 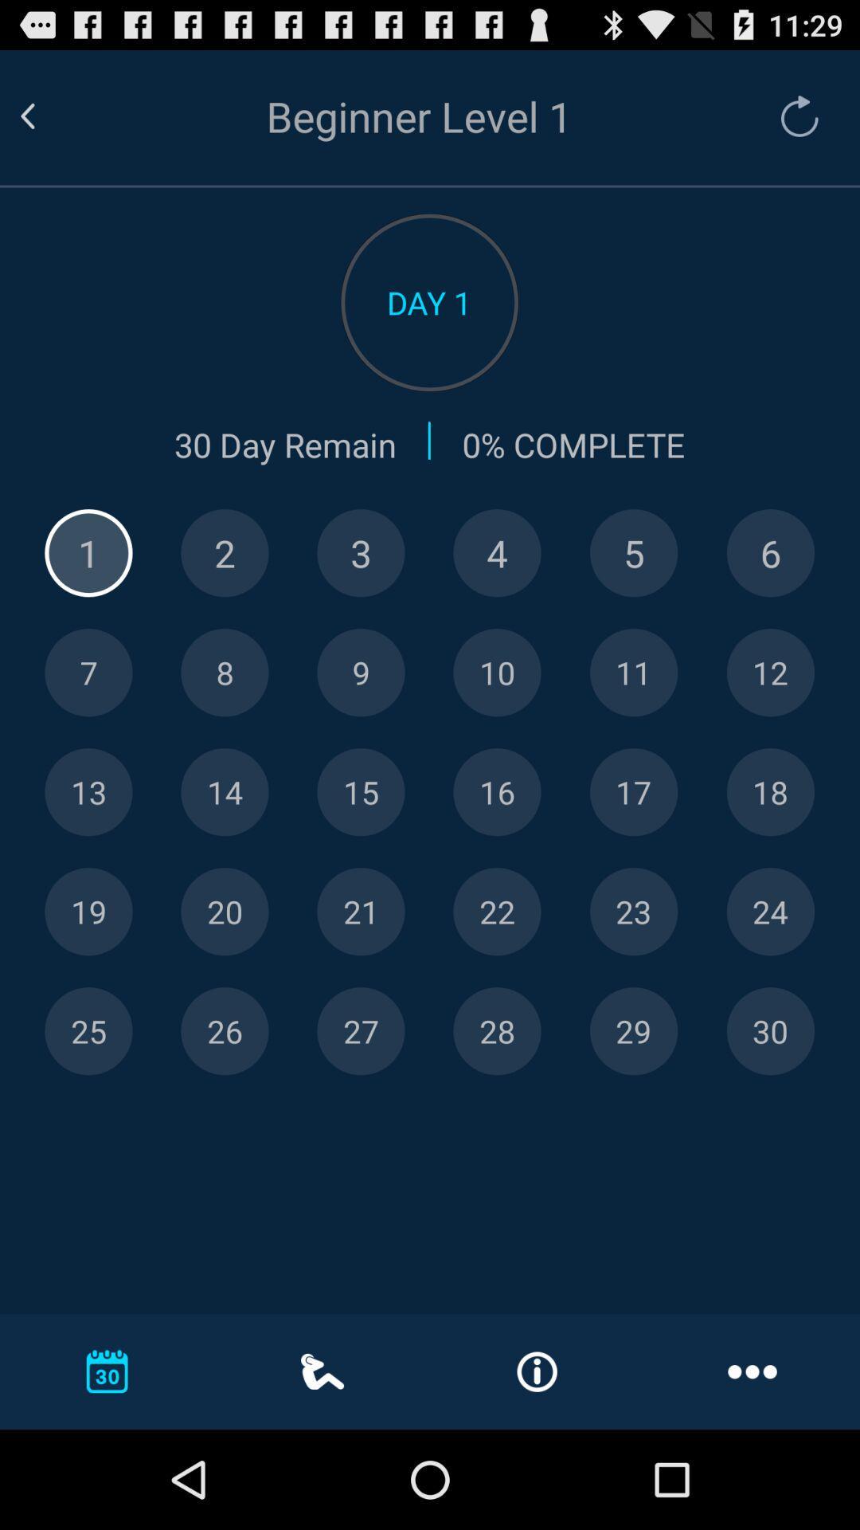 What do you see at coordinates (792, 116) in the screenshot?
I see `refresh` at bounding box center [792, 116].